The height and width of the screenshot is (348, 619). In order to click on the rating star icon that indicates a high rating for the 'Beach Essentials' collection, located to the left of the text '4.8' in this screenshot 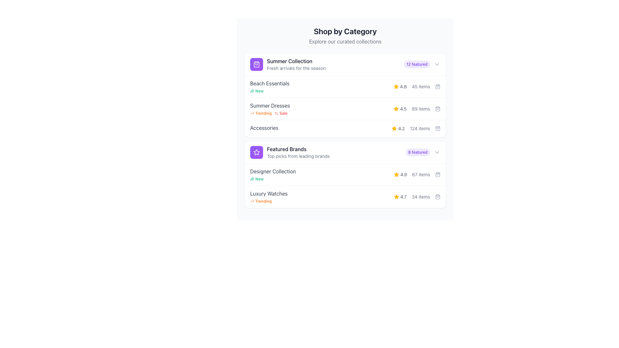, I will do `click(396, 86)`.